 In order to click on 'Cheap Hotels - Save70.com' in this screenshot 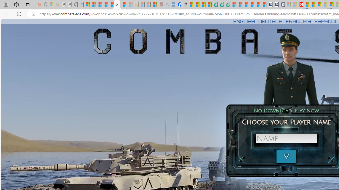, I will do `click(275, 4)`.